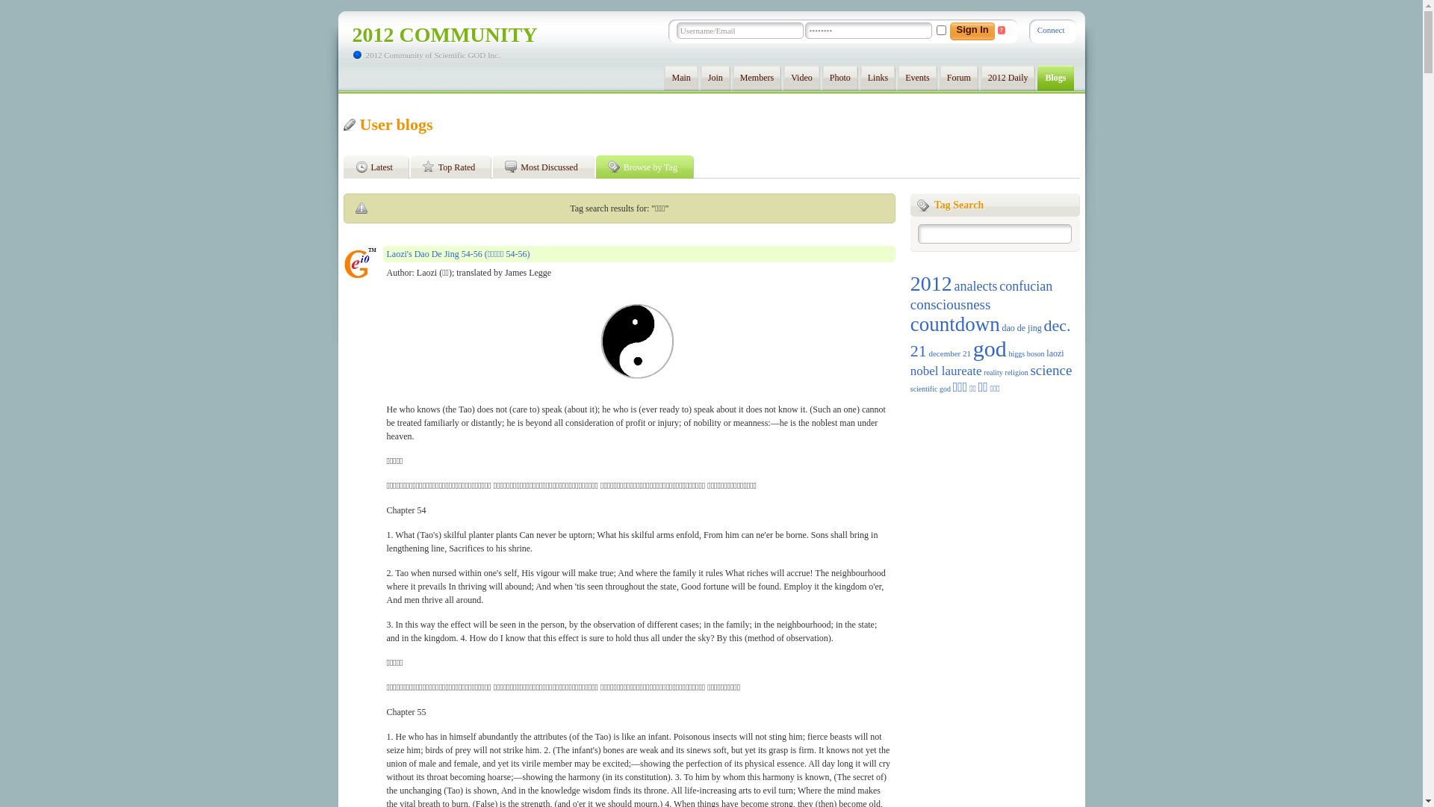  What do you see at coordinates (545, 167) in the screenshot?
I see `'Most Discussed'` at bounding box center [545, 167].